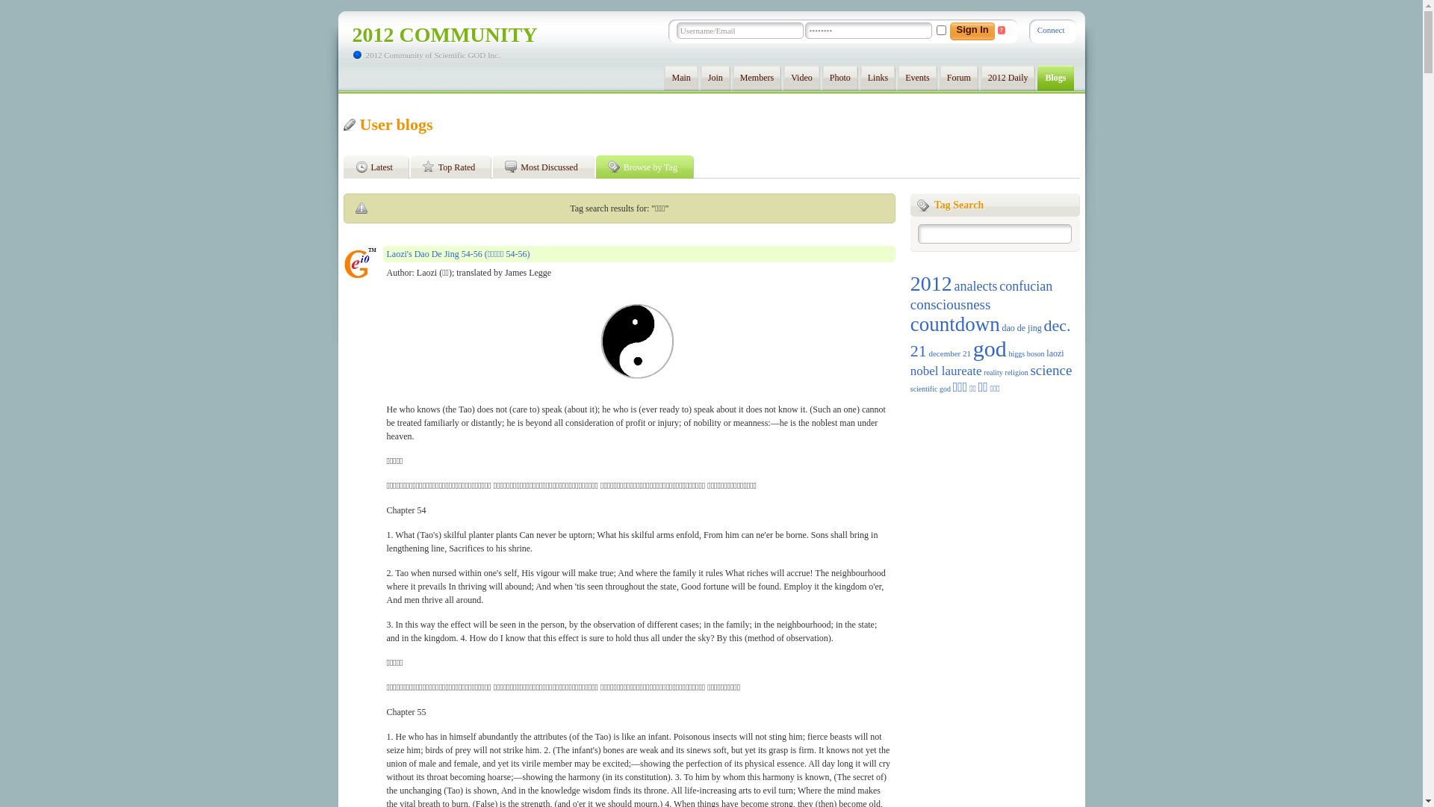  What do you see at coordinates (545, 167) in the screenshot?
I see `'Most Discussed'` at bounding box center [545, 167].